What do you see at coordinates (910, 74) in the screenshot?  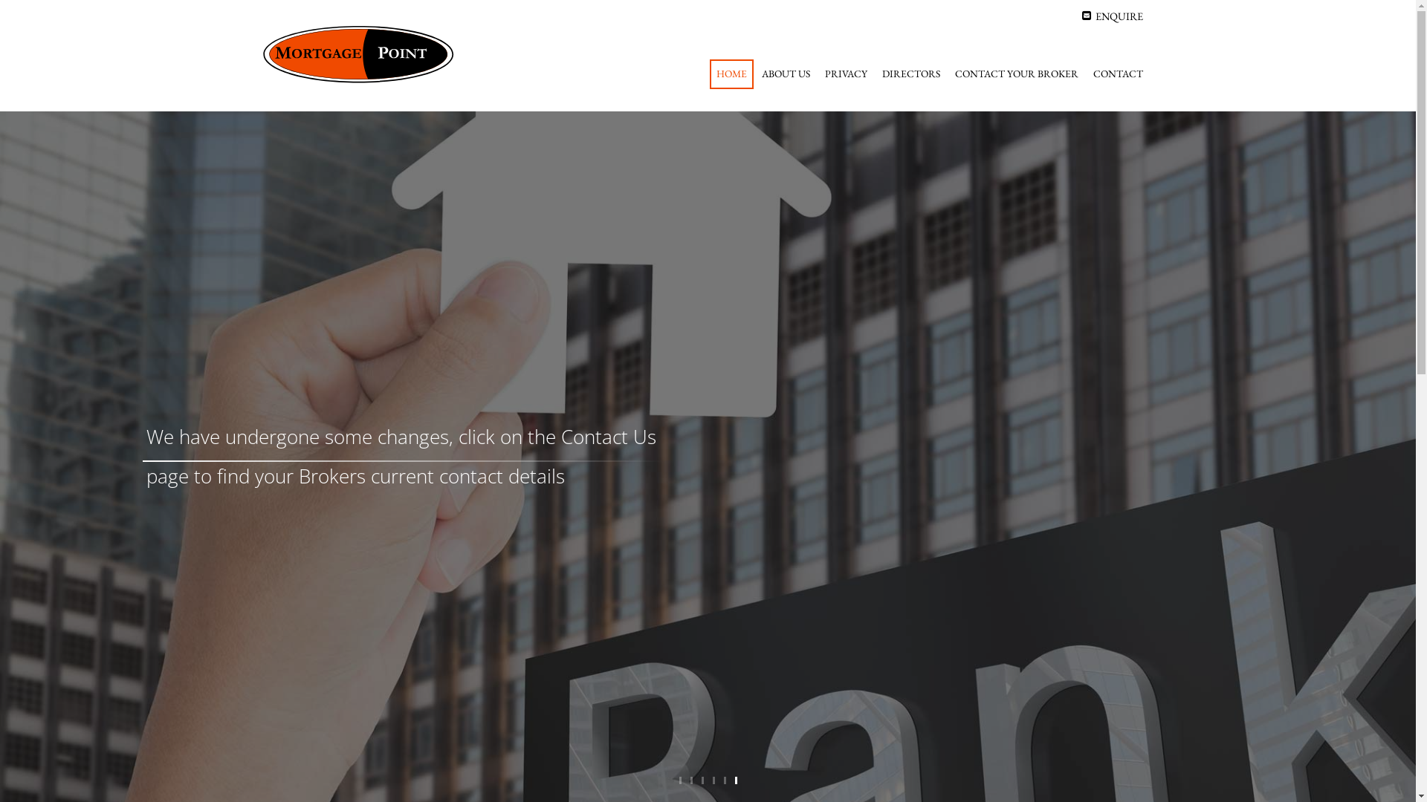 I see `'DIRECTORS'` at bounding box center [910, 74].